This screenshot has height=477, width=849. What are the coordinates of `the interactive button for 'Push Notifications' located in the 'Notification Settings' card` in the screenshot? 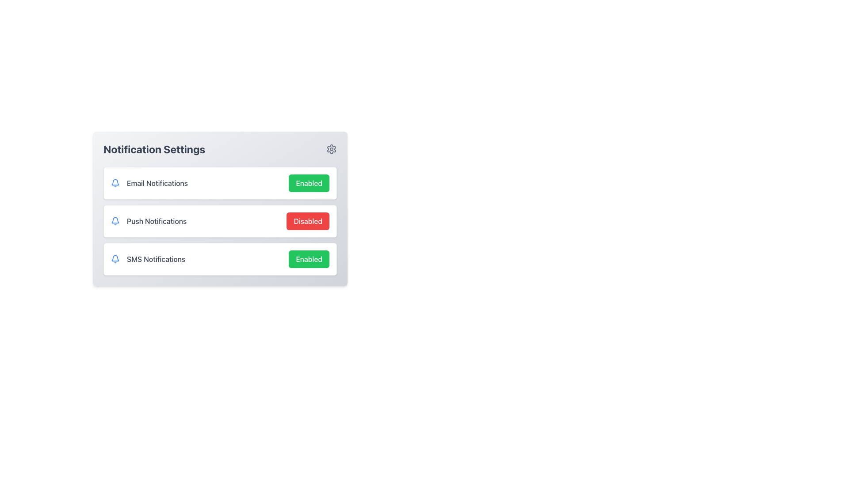 It's located at (220, 221).